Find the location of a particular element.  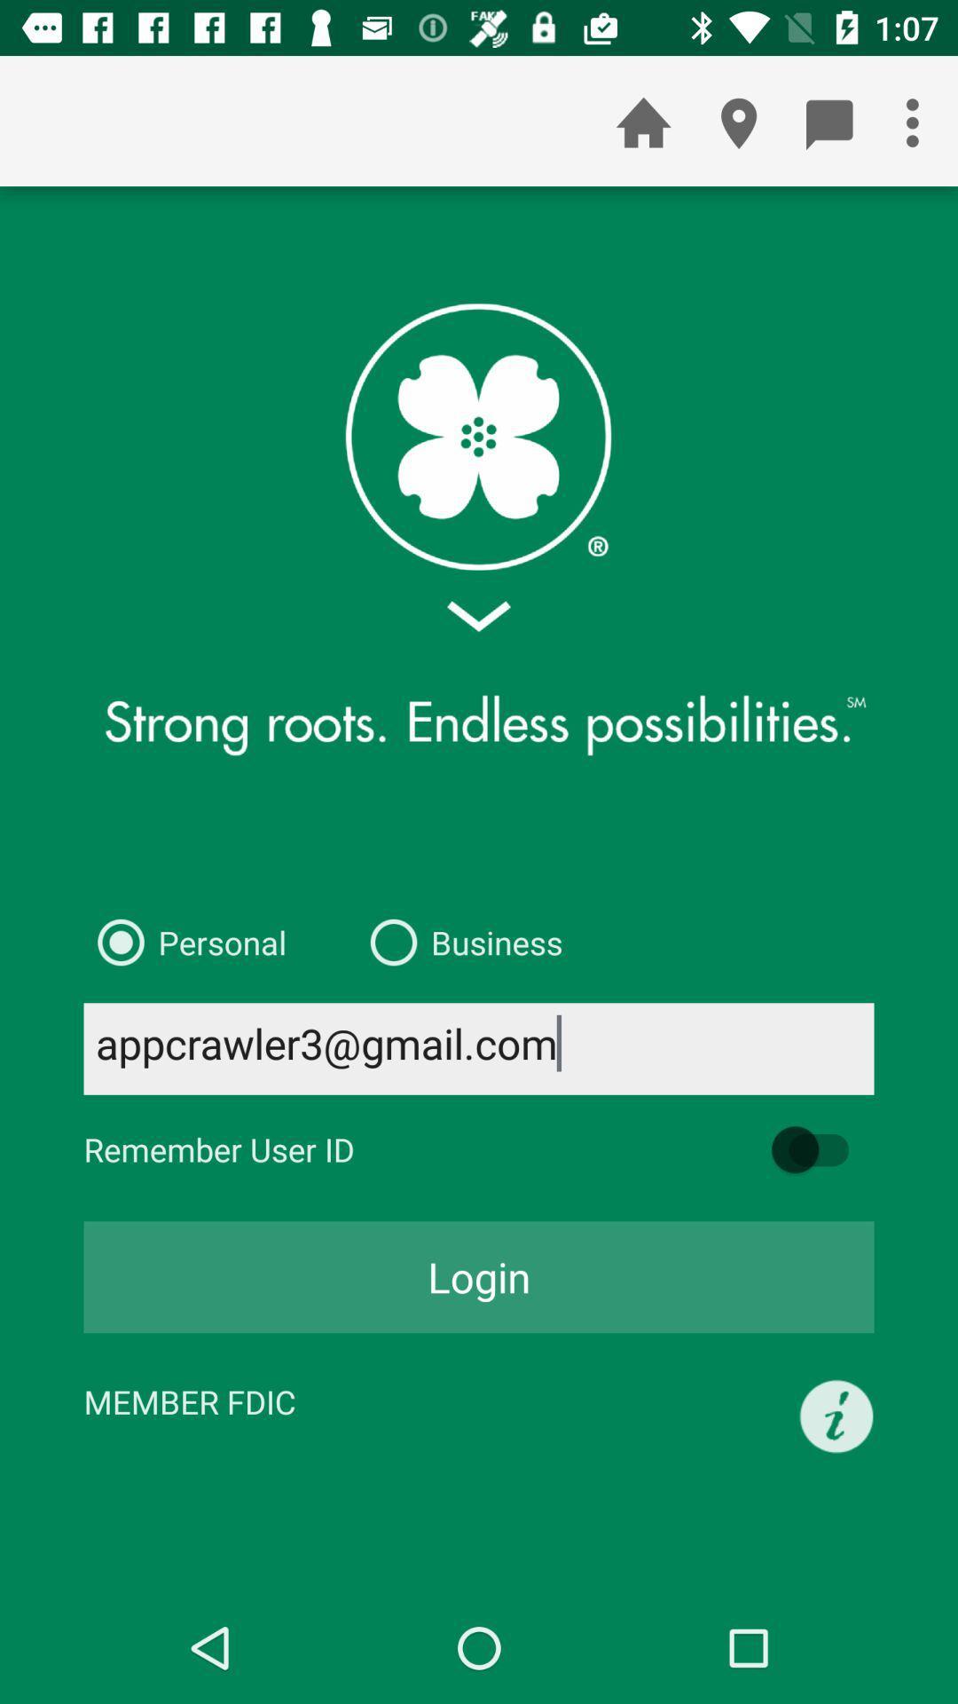

item to the right of the personal icon is located at coordinates (459, 941).